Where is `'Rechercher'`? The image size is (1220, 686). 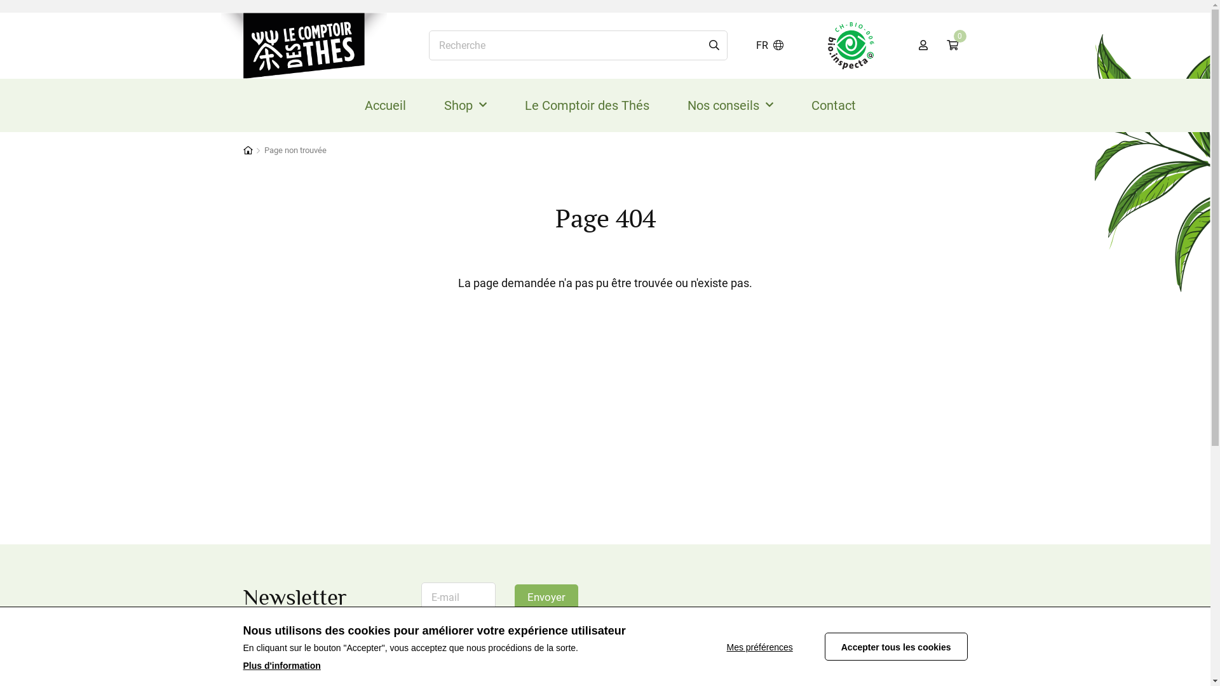
'Rechercher' is located at coordinates (714, 45).